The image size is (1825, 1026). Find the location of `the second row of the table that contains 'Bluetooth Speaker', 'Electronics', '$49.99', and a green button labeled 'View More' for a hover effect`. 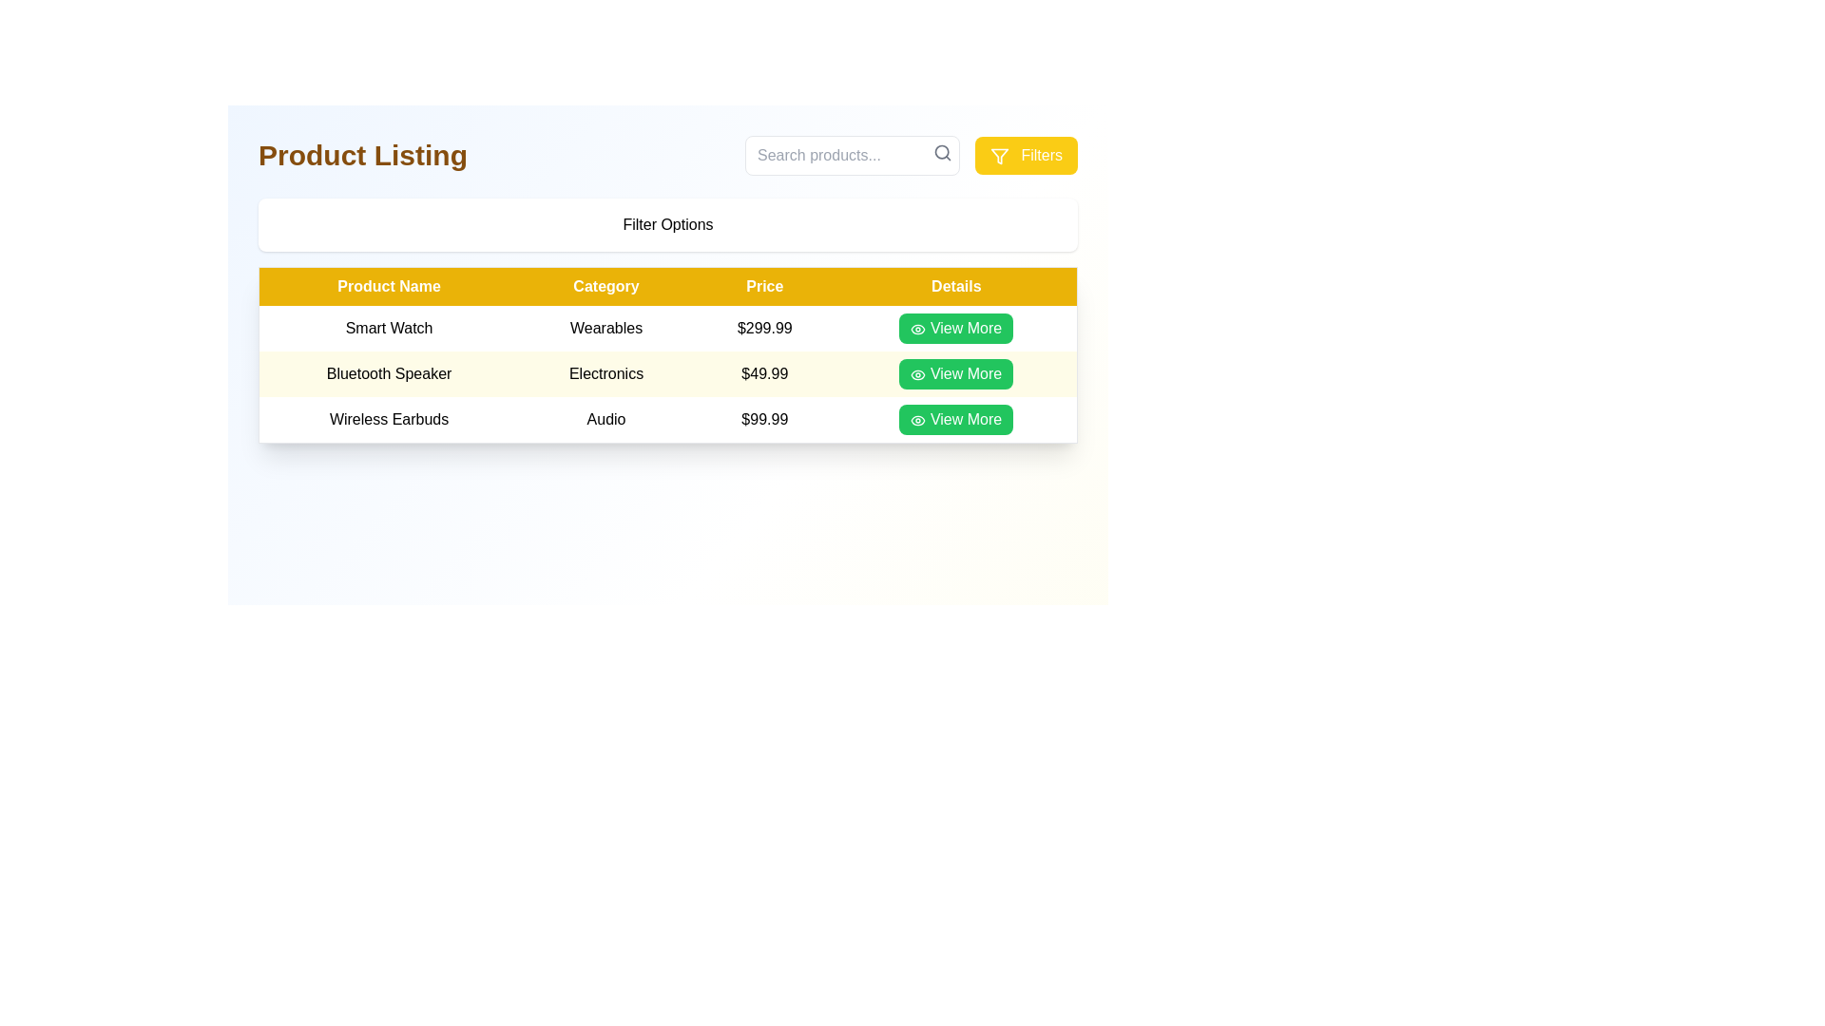

the second row of the table that contains 'Bluetooth Speaker', 'Electronics', '$49.99', and a green button labeled 'View More' for a hover effect is located at coordinates (667, 373).